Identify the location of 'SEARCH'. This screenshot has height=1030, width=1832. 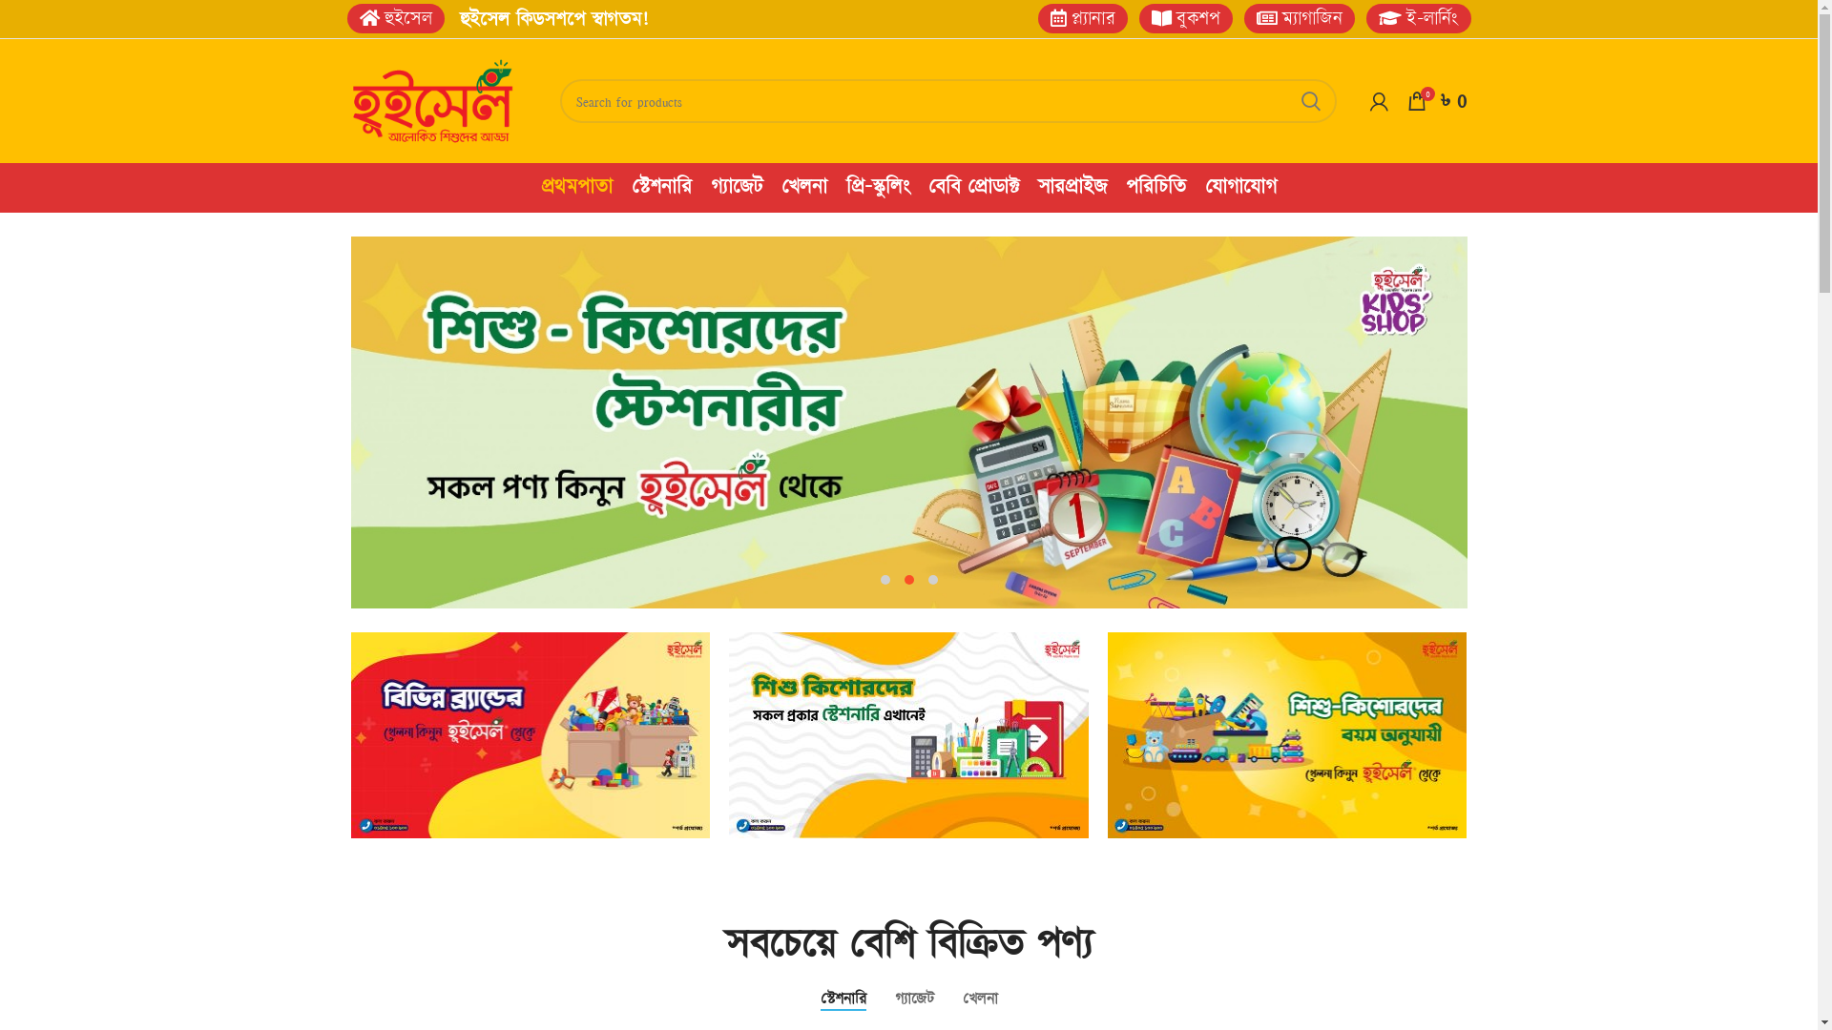
(1308, 100).